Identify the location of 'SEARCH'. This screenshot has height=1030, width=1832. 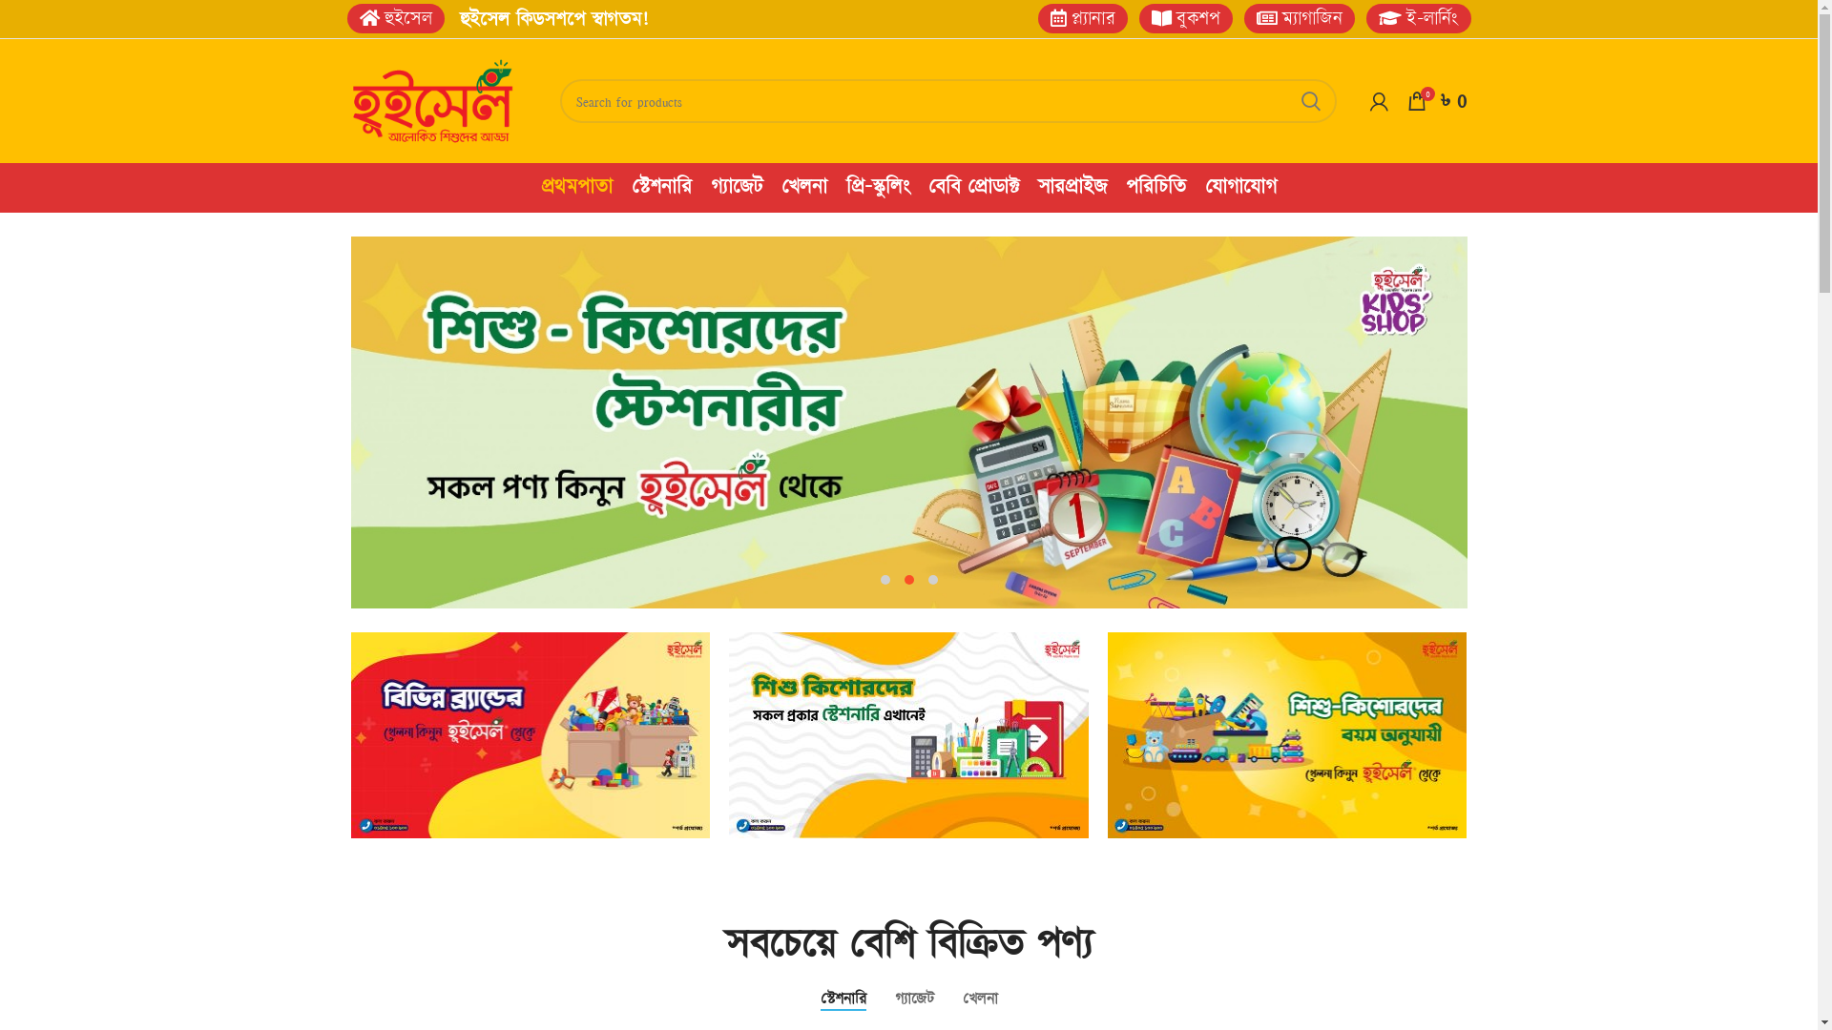
(1308, 100).